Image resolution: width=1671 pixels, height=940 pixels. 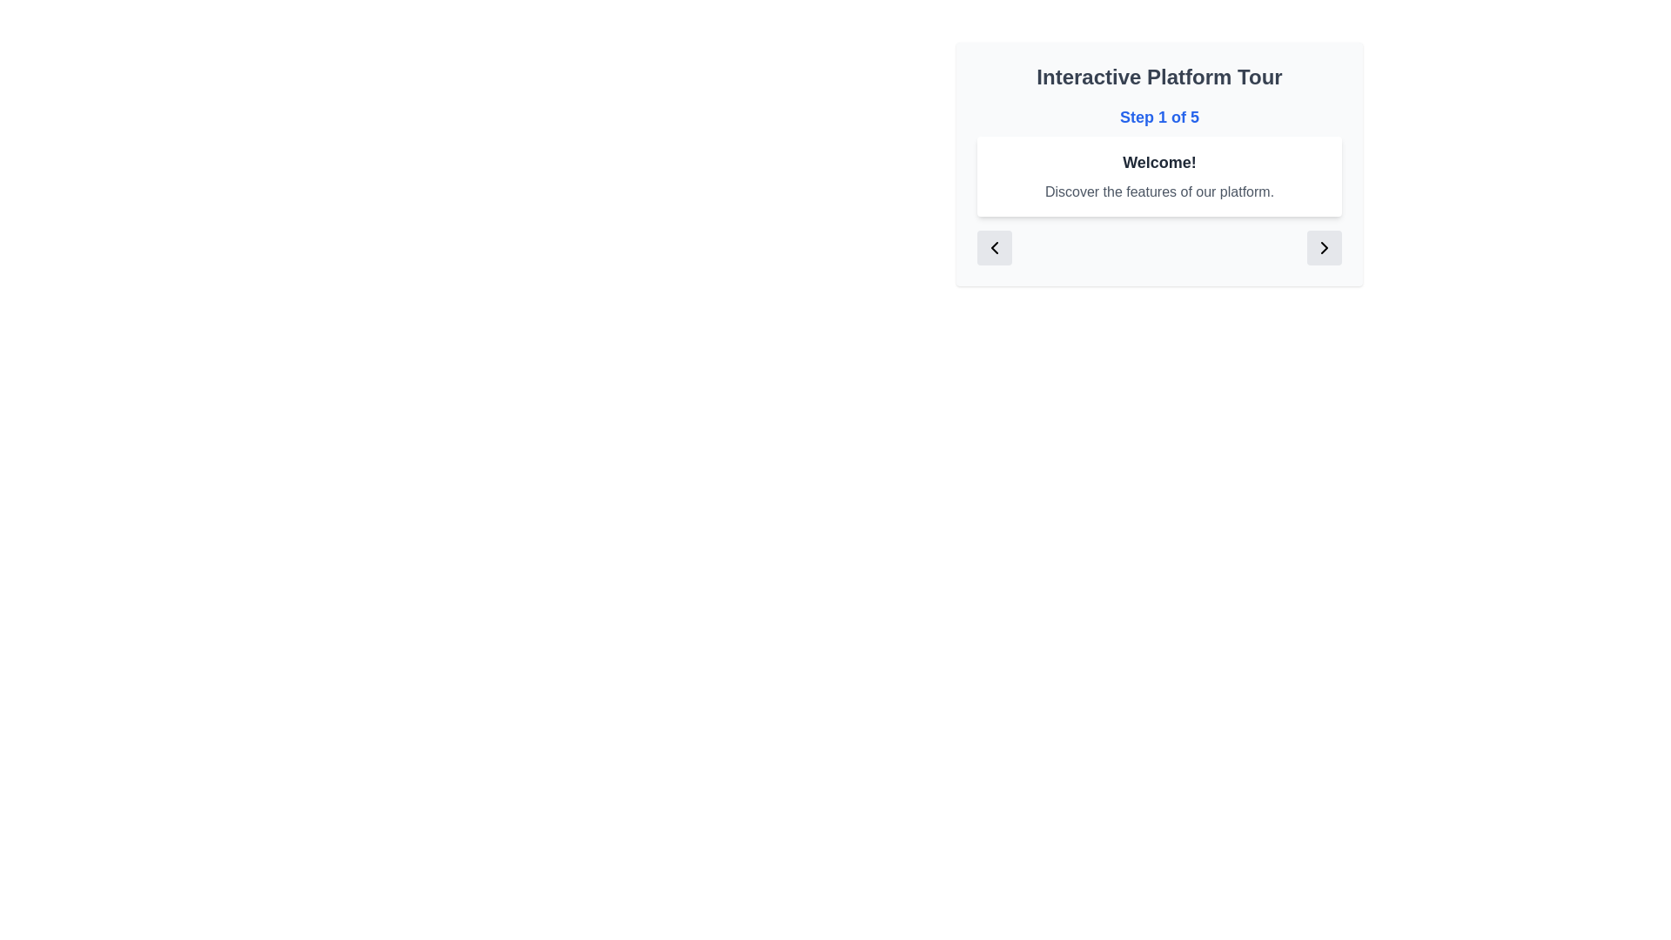 I want to click on the rightward-pointing chevron icon located at the bottom-right corner of the 'Interactive Platform Tour' dialog box, so click(x=1323, y=248).